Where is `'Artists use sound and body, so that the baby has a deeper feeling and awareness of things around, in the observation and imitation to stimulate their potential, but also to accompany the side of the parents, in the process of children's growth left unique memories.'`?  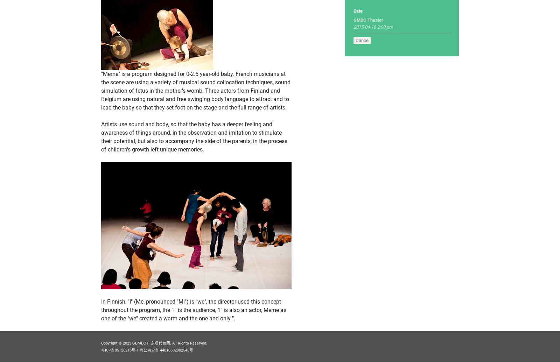 'Artists use sound and body, so that the baby has a deeper feeling and awareness of things around, in the observation and imitation to stimulate their potential, but also to accompany the side of the parents, in the process of children's growth left unique memories.' is located at coordinates (194, 137).